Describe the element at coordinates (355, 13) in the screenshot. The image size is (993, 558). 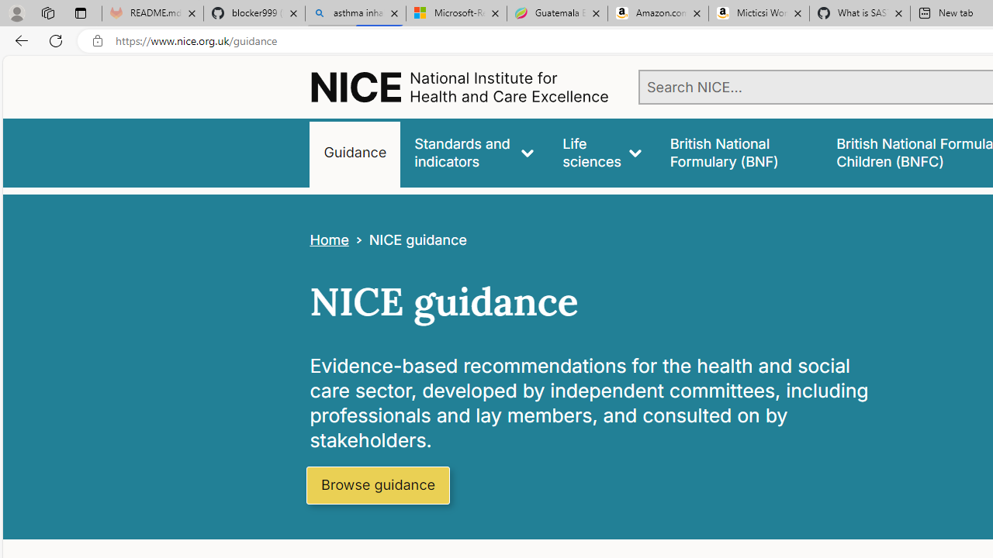
I see `'asthma inhaler - Search'` at that location.